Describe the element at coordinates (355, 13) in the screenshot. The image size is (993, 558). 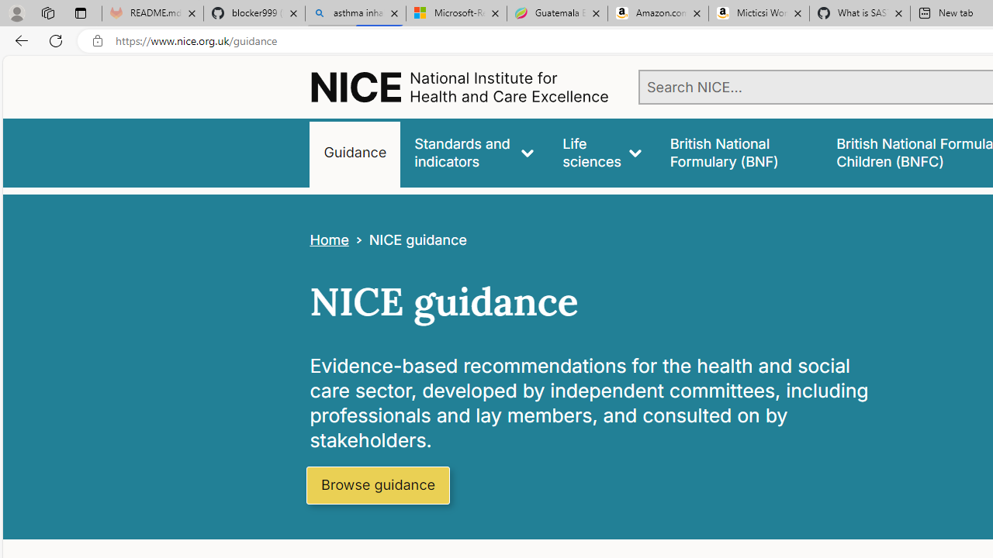
I see `'asthma inhaler - Search'` at that location.